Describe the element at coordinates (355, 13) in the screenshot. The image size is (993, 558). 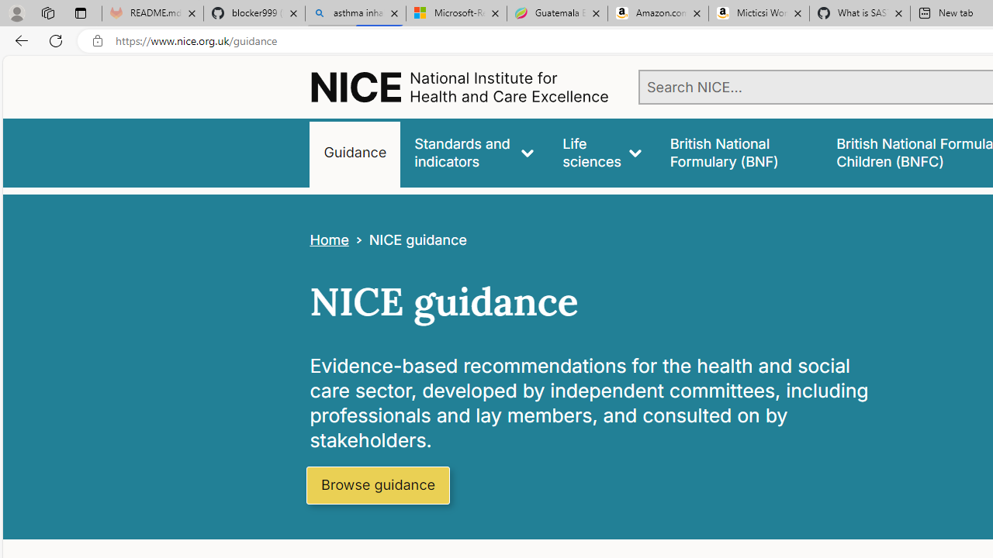
I see `'asthma inhaler - Search'` at that location.